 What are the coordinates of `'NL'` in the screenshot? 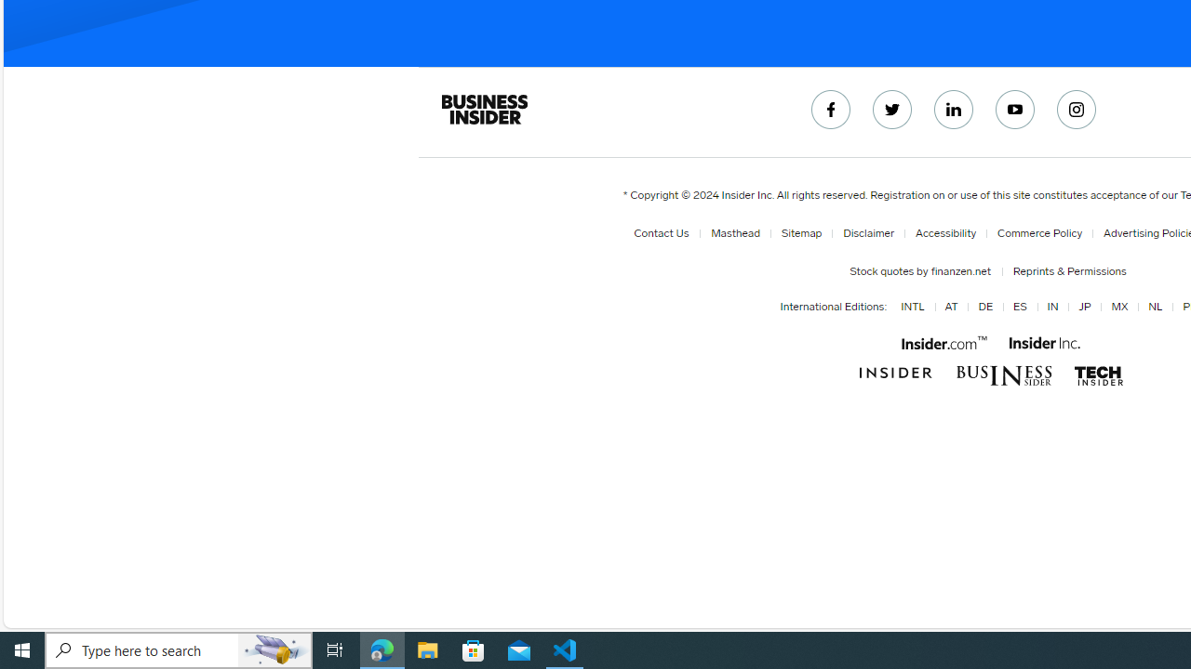 It's located at (1151, 307).